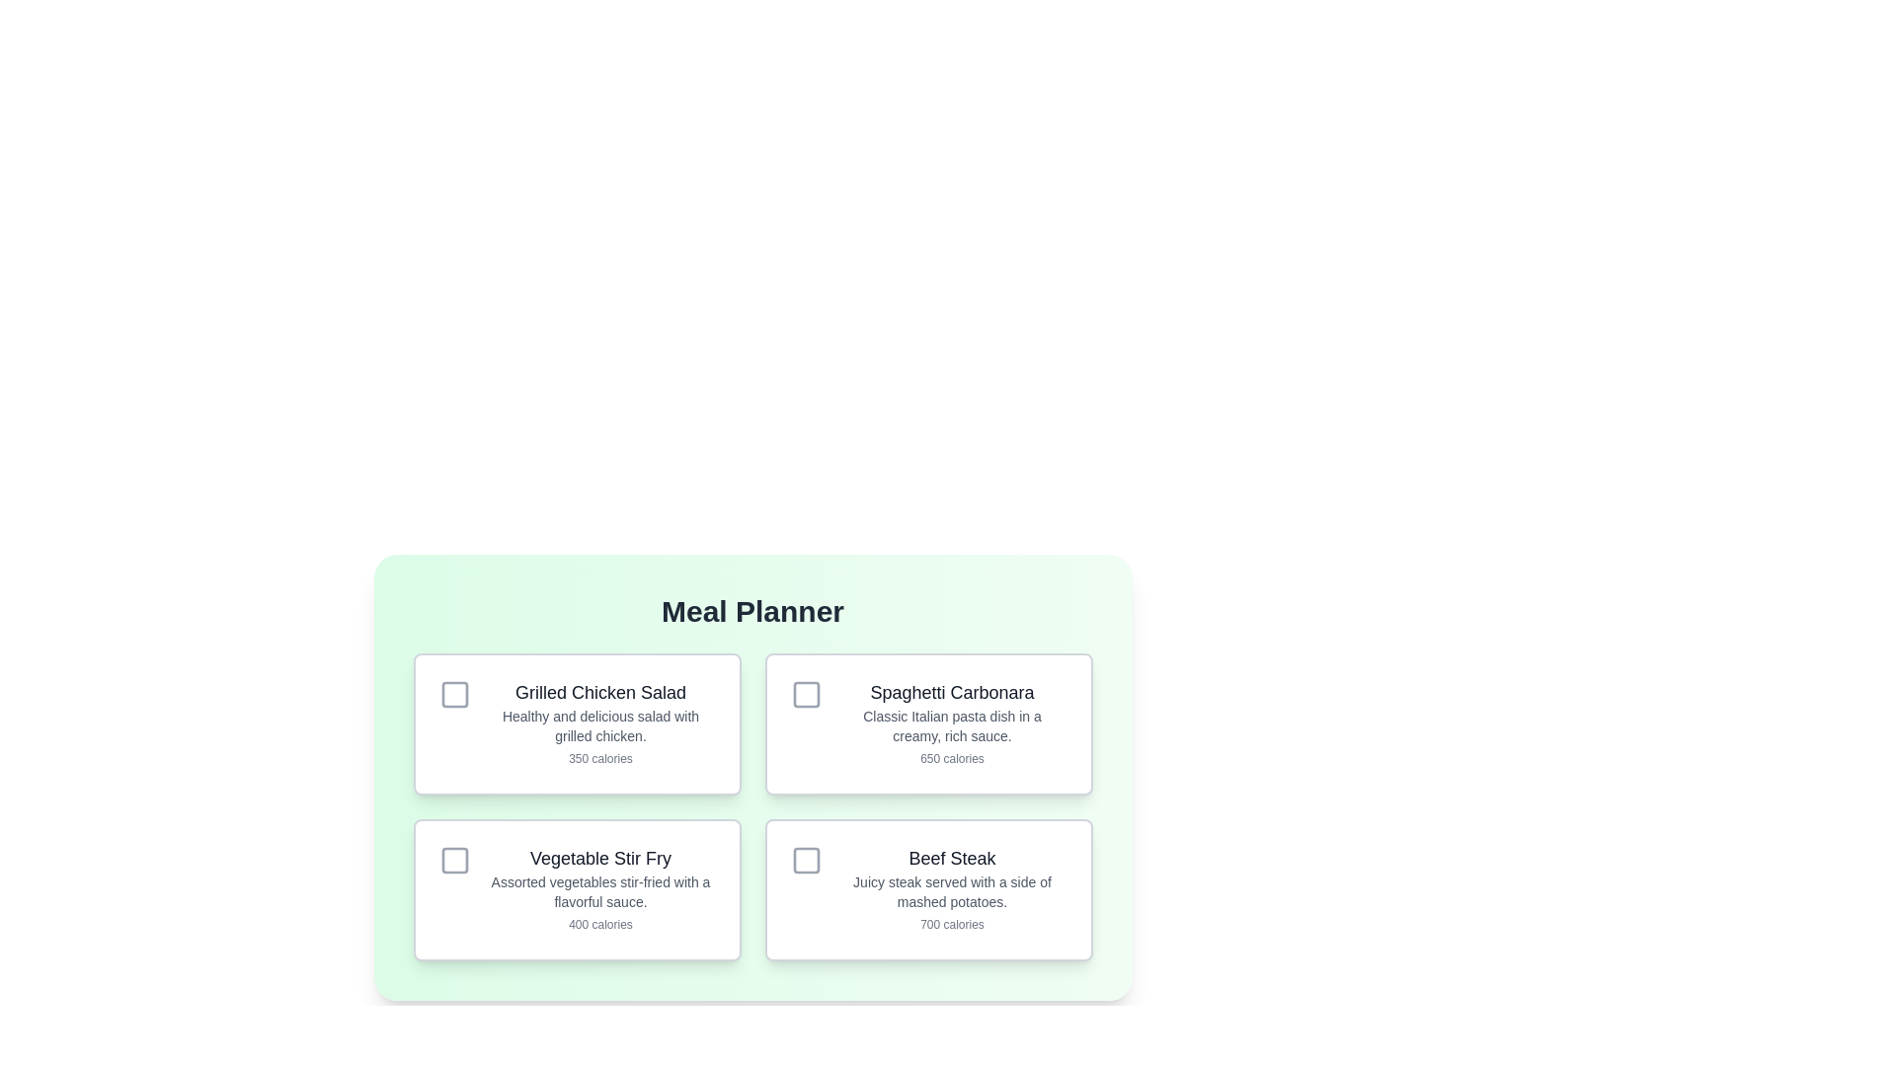 The height and width of the screenshot is (1066, 1896). What do you see at coordinates (806, 859) in the screenshot?
I see `the checkbox state indicator for the 'Beef Steak' item in the meal planner section` at bounding box center [806, 859].